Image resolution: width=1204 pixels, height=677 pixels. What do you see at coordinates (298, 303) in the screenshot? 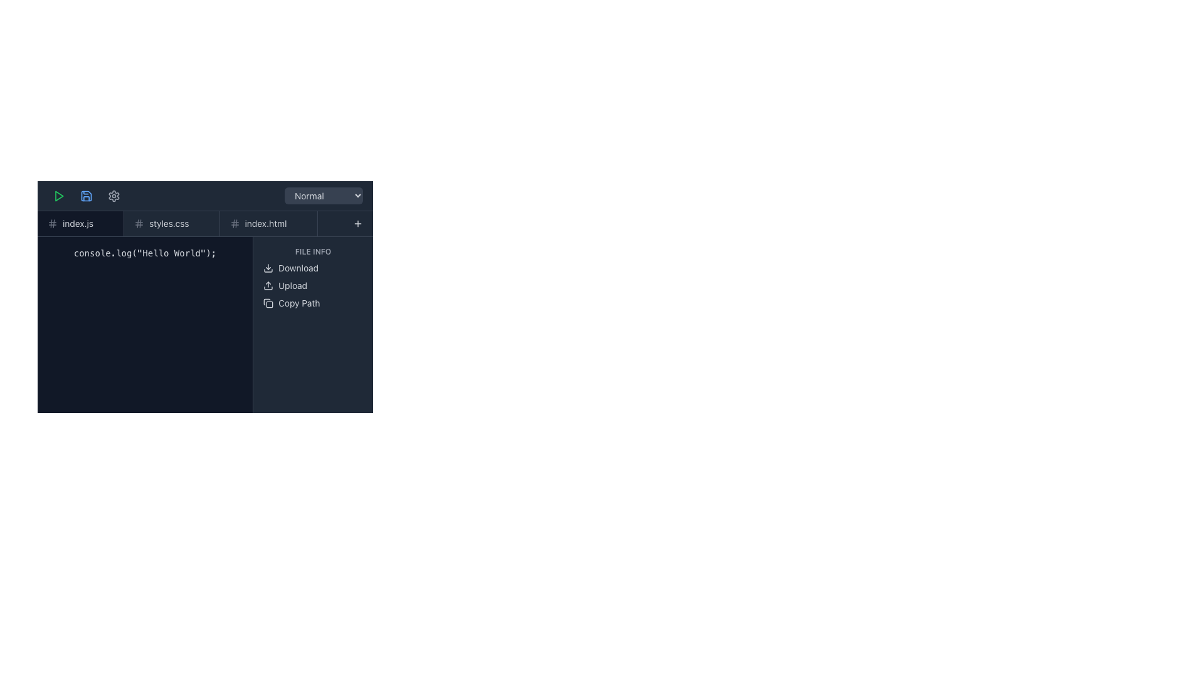
I see `the third text label within the 'FILE INFO' panel, located below the 'Upload' option` at bounding box center [298, 303].